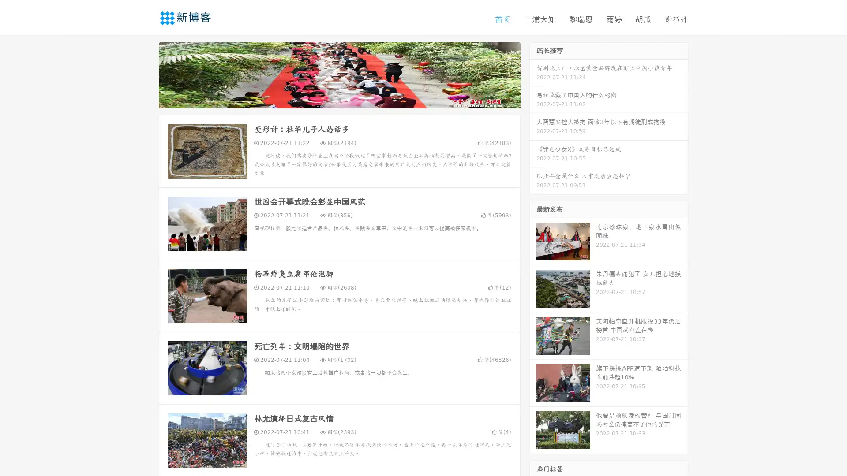 This screenshot has width=847, height=476. What do you see at coordinates (146, 74) in the screenshot?
I see `Previous slide` at bounding box center [146, 74].